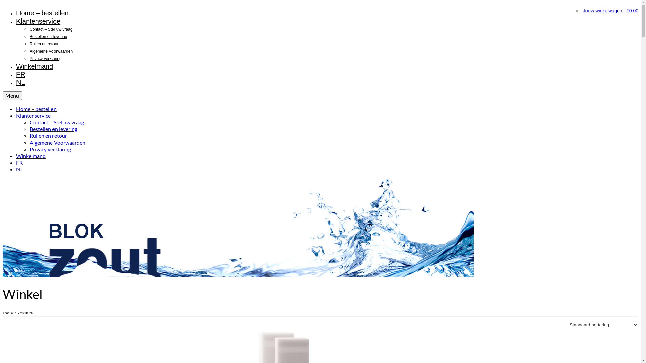  I want to click on 'Winkelmand', so click(34, 66).